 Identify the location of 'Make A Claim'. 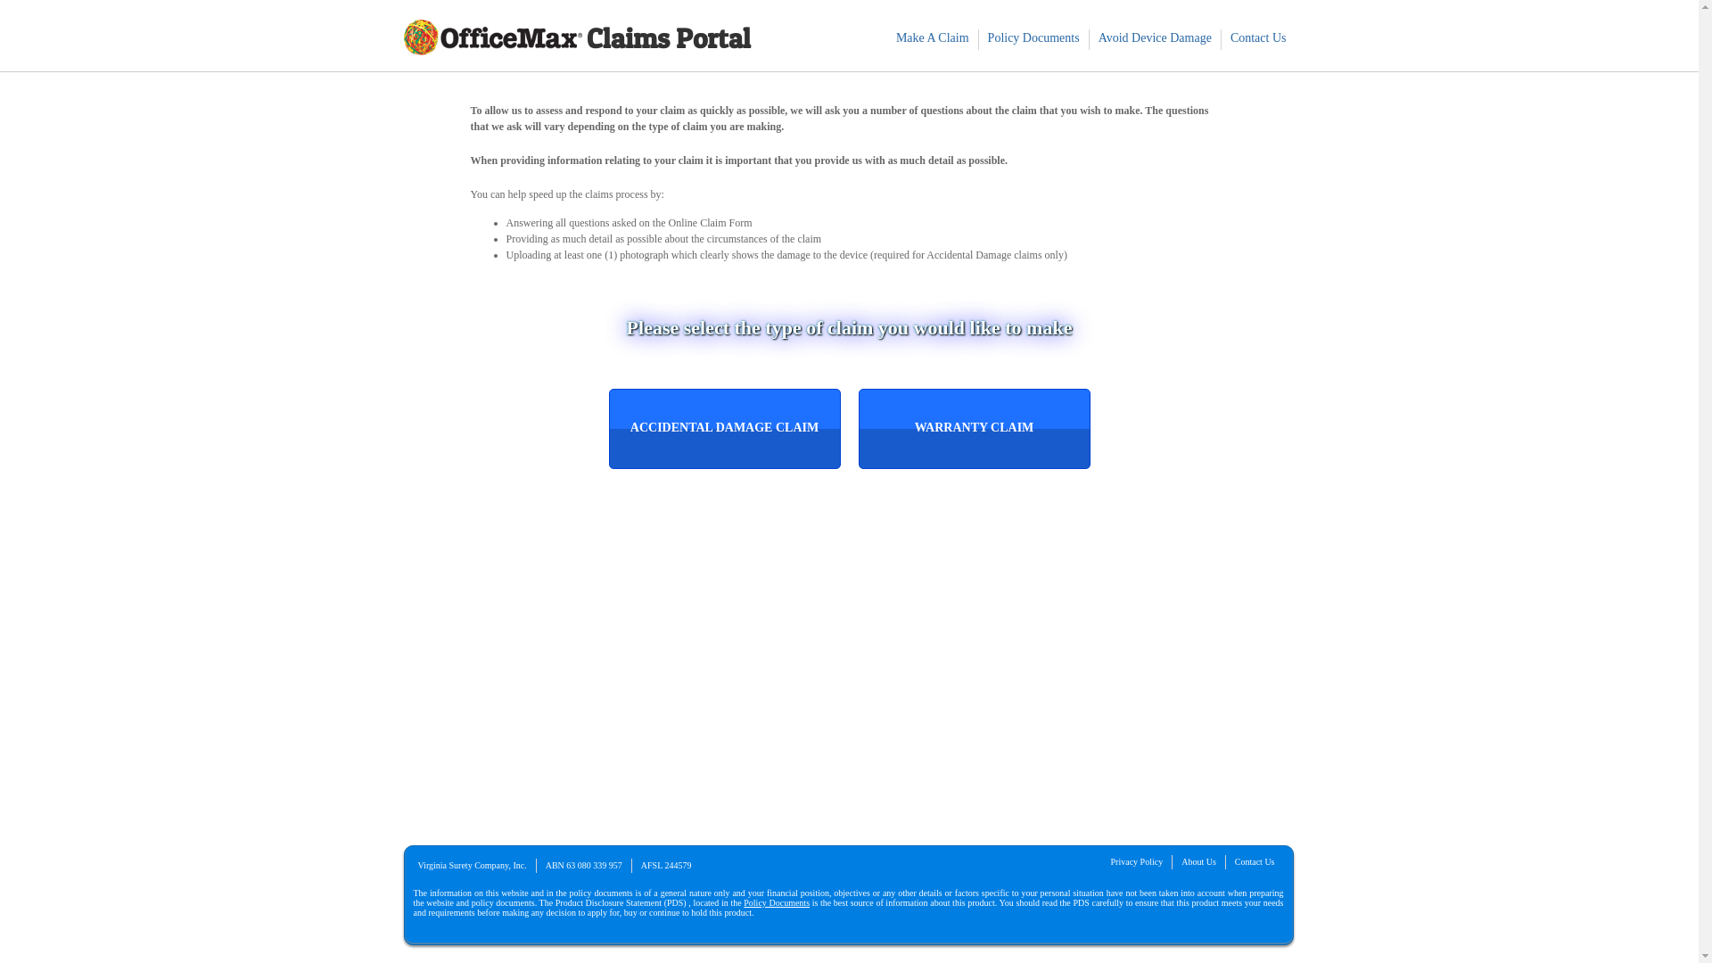
(932, 37).